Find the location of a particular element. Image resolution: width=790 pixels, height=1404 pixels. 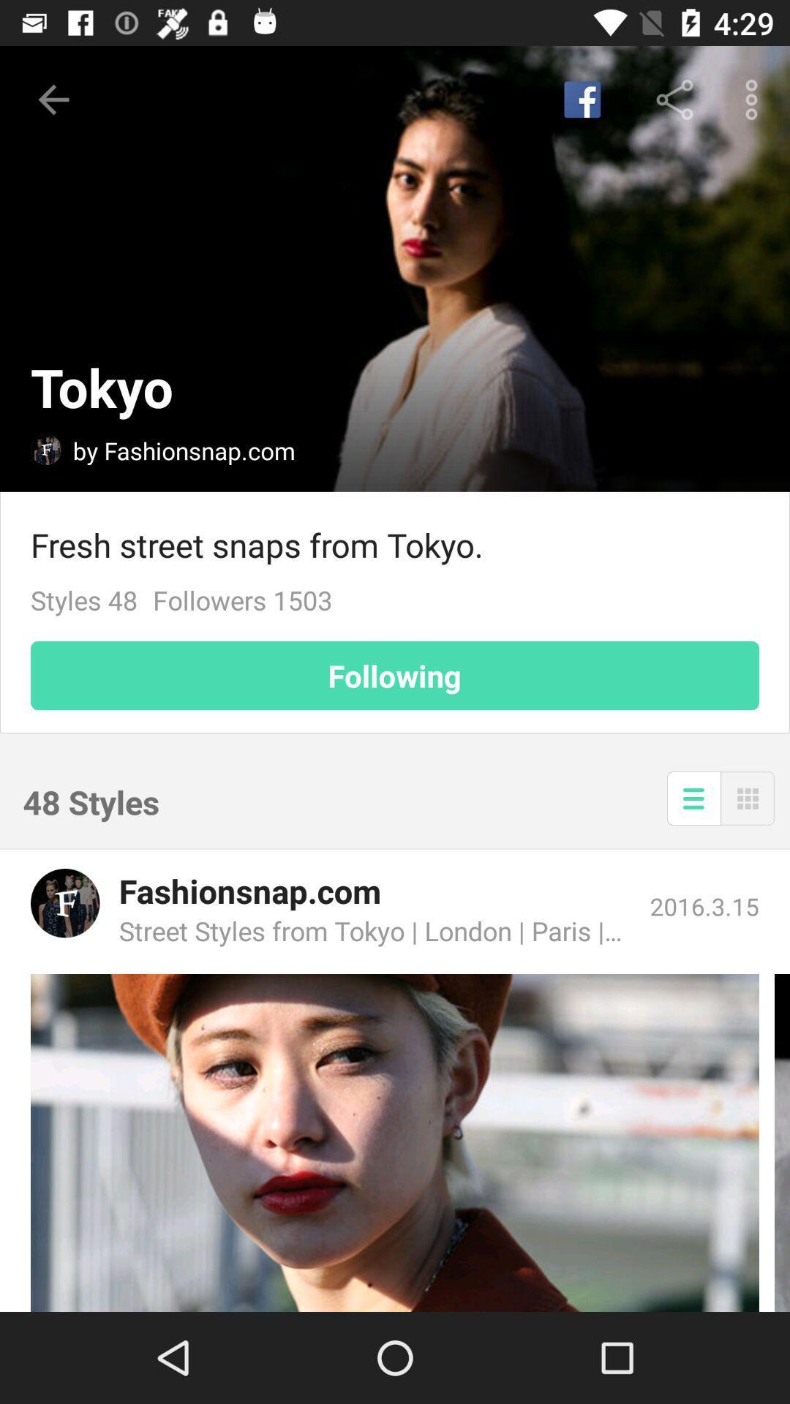

an article is located at coordinates (395, 1142).